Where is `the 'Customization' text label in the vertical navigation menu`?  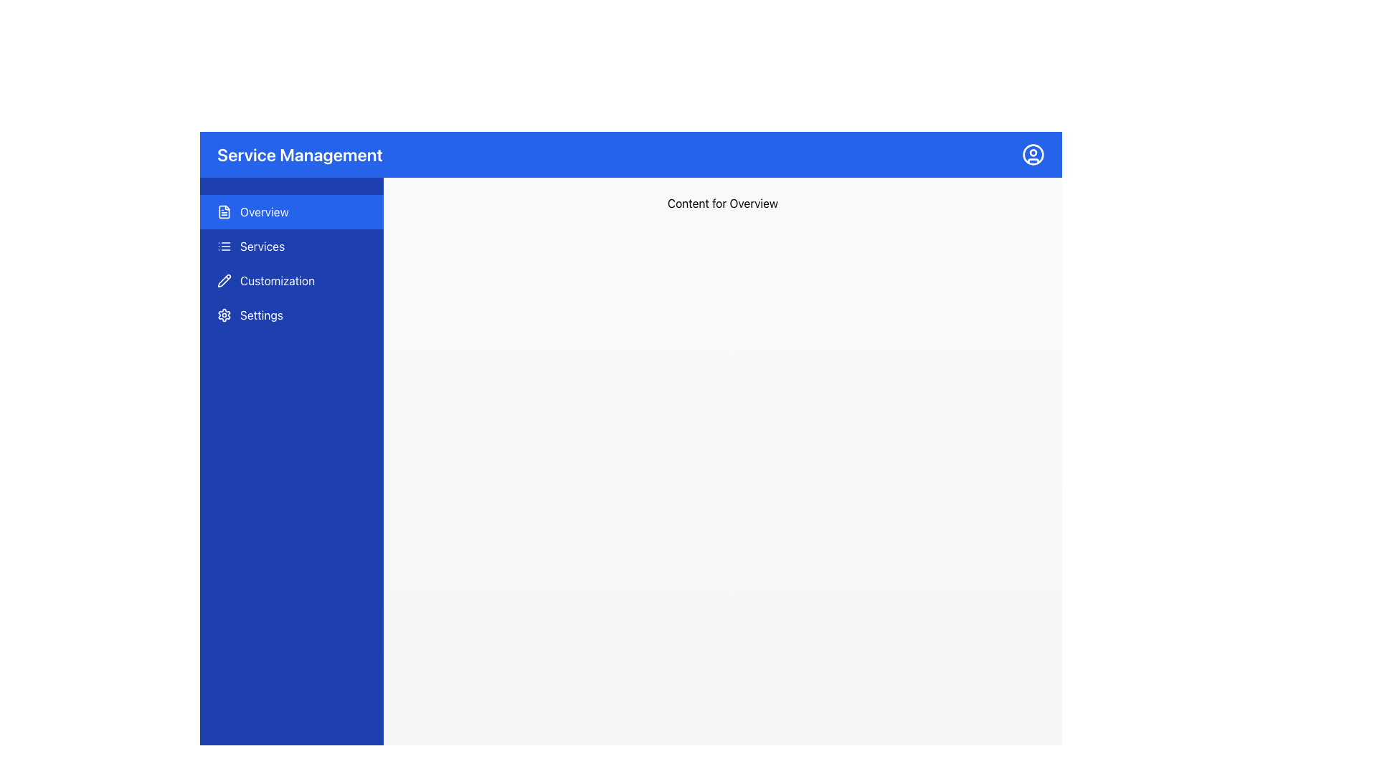
the 'Customization' text label in the vertical navigation menu is located at coordinates (278, 281).